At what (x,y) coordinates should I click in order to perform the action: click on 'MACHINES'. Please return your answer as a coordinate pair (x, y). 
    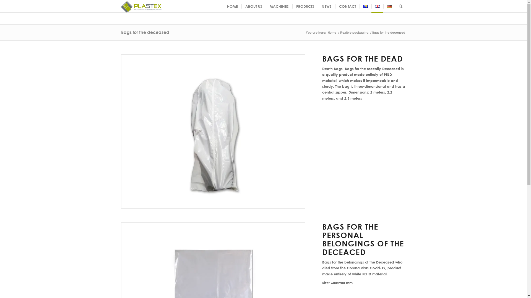
    Looking at the image, I should click on (265, 6).